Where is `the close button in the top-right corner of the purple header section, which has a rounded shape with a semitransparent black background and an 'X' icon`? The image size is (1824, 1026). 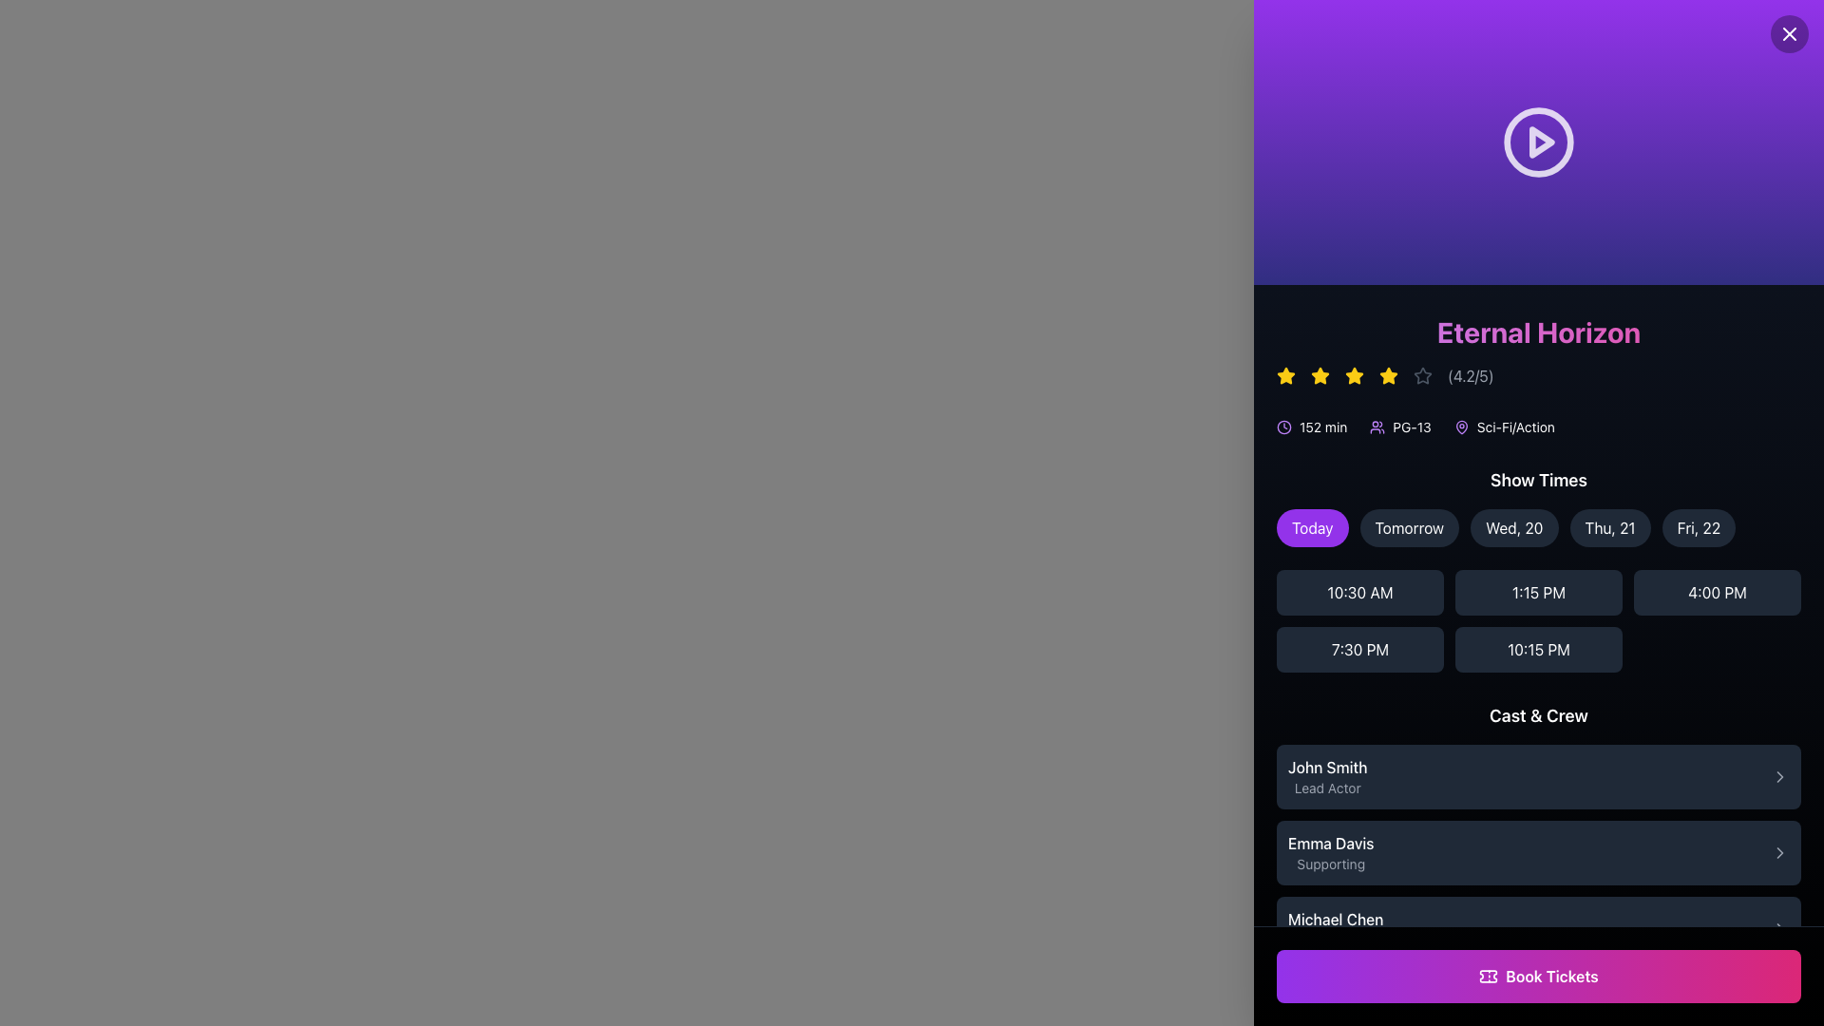 the close button in the top-right corner of the purple header section, which has a rounded shape with a semitransparent black background and an 'X' icon is located at coordinates (1788, 33).